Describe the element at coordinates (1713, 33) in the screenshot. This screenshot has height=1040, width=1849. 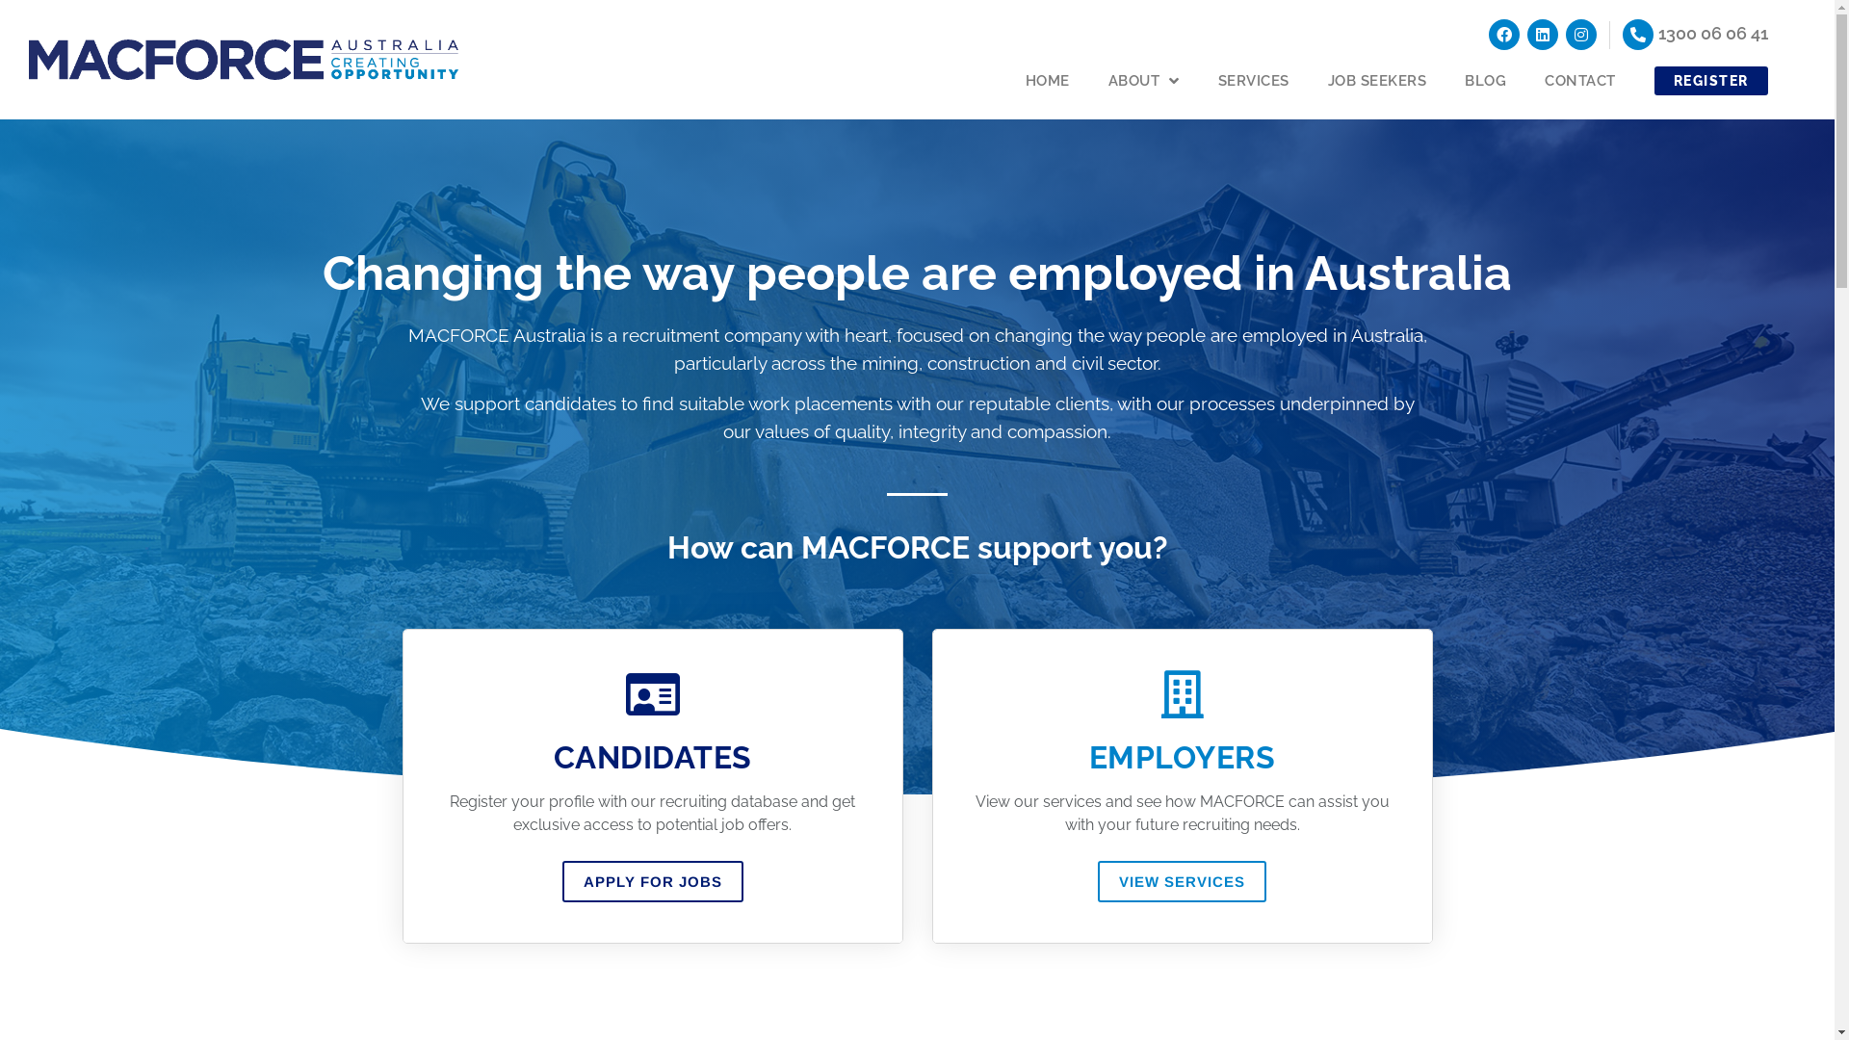
I see `'1300 06 06 41'` at that location.